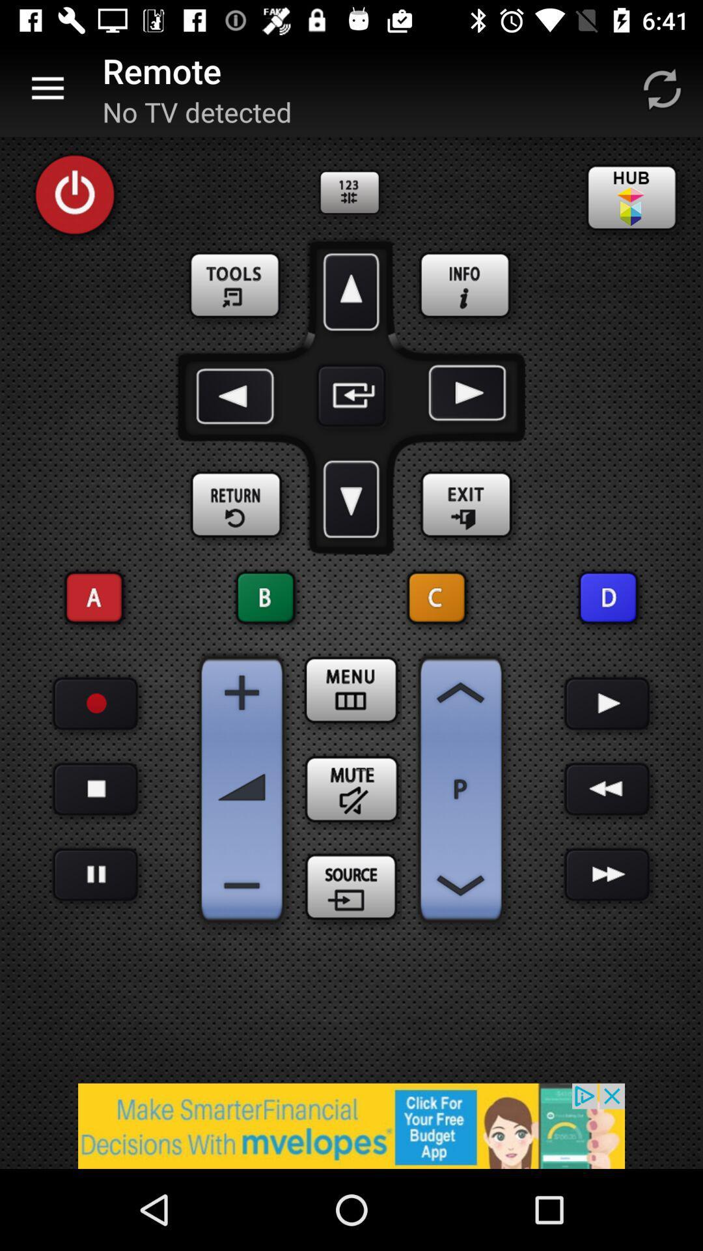 The height and width of the screenshot is (1251, 703). What do you see at coordinates (607, 703) in the screenshot?
I see `the play icon` at bounding box center [607, 703].